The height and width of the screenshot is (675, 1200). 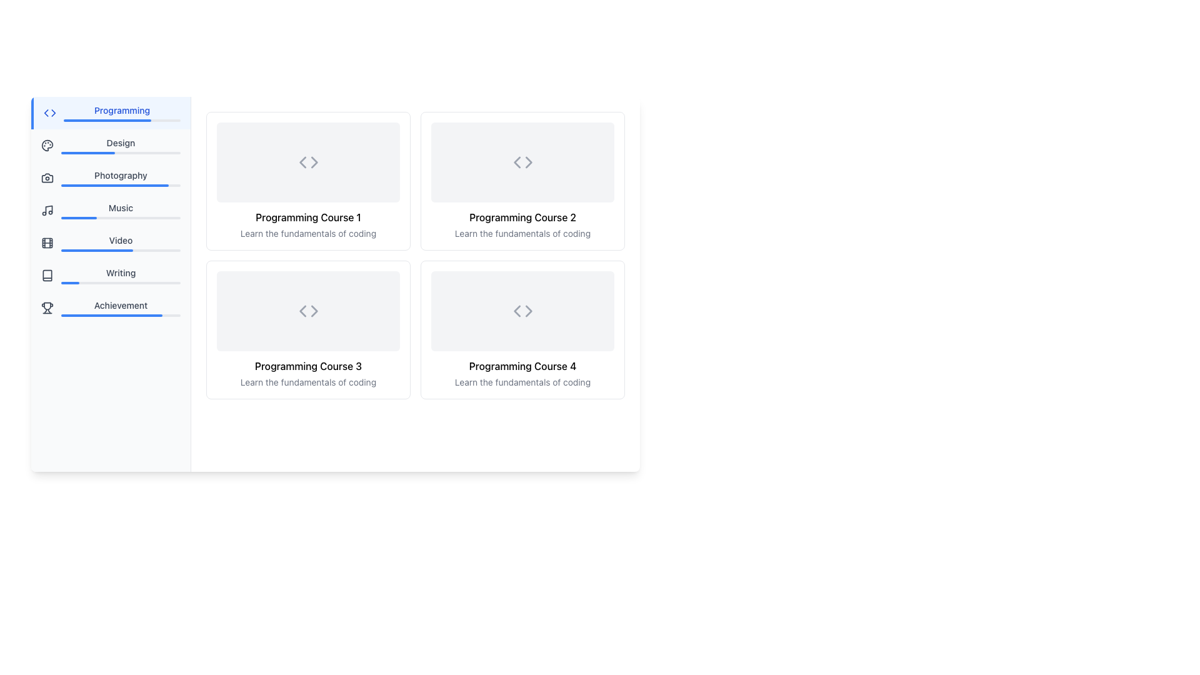 I want to click on the static text label displaying the word 'Achievement' located in the navigation sidebar, positioned below the 'Writing' label, so click(x=121, y=306).